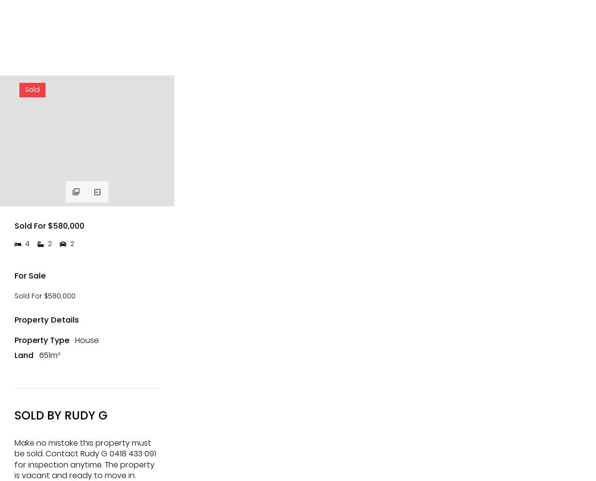  Describe the element at coordinates (18, 298) in the screenshot. I see `'Please send me more information on...'` at that location.